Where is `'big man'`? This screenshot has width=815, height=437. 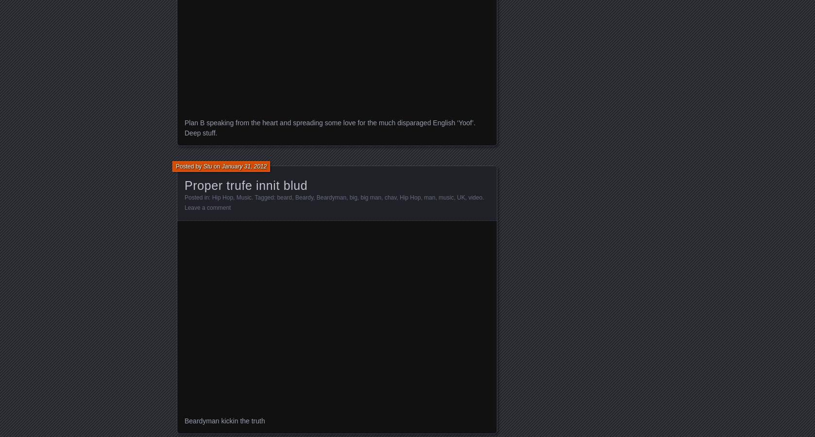
'big man' is located at coordinates (370, 197).